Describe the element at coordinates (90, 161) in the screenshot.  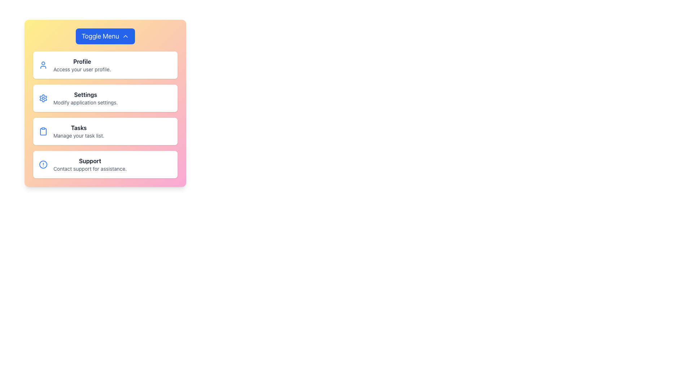
I see `the text label that serves as a header for the support option, located to the right of an exclamation mark icon` at that location.